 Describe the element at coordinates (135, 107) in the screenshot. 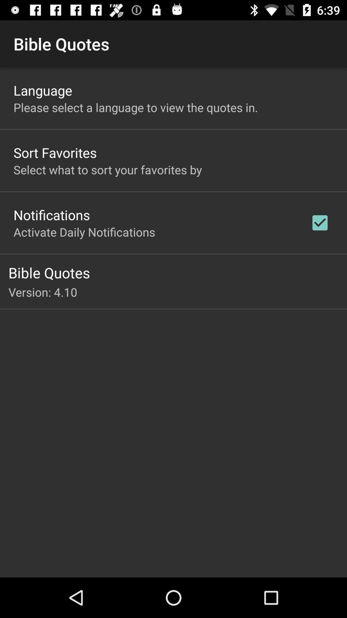

I see `the please select a` at that location.